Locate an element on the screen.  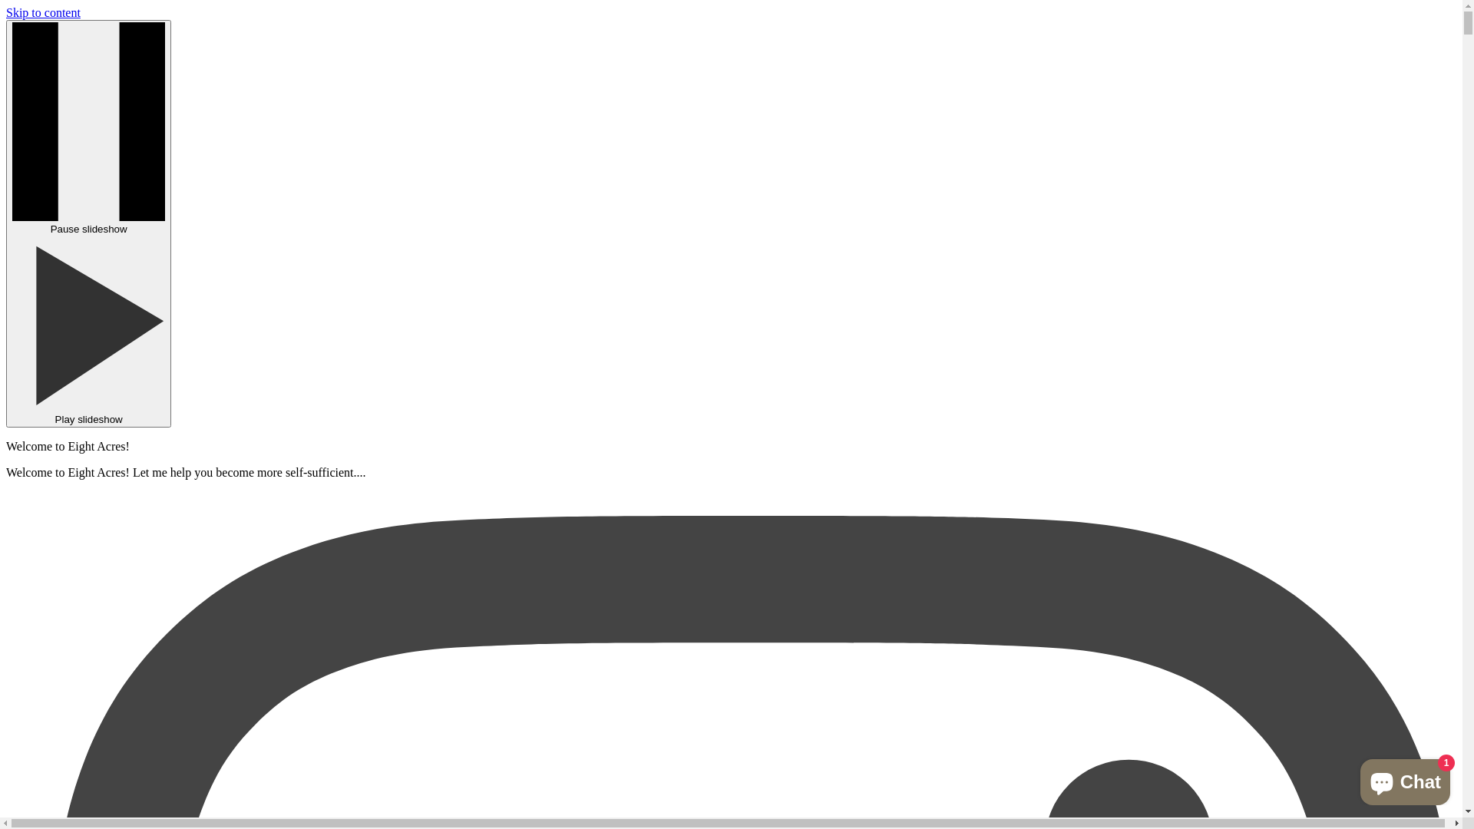
'Pause slideshow Play slideshow' is located at coordinates (88, 223).